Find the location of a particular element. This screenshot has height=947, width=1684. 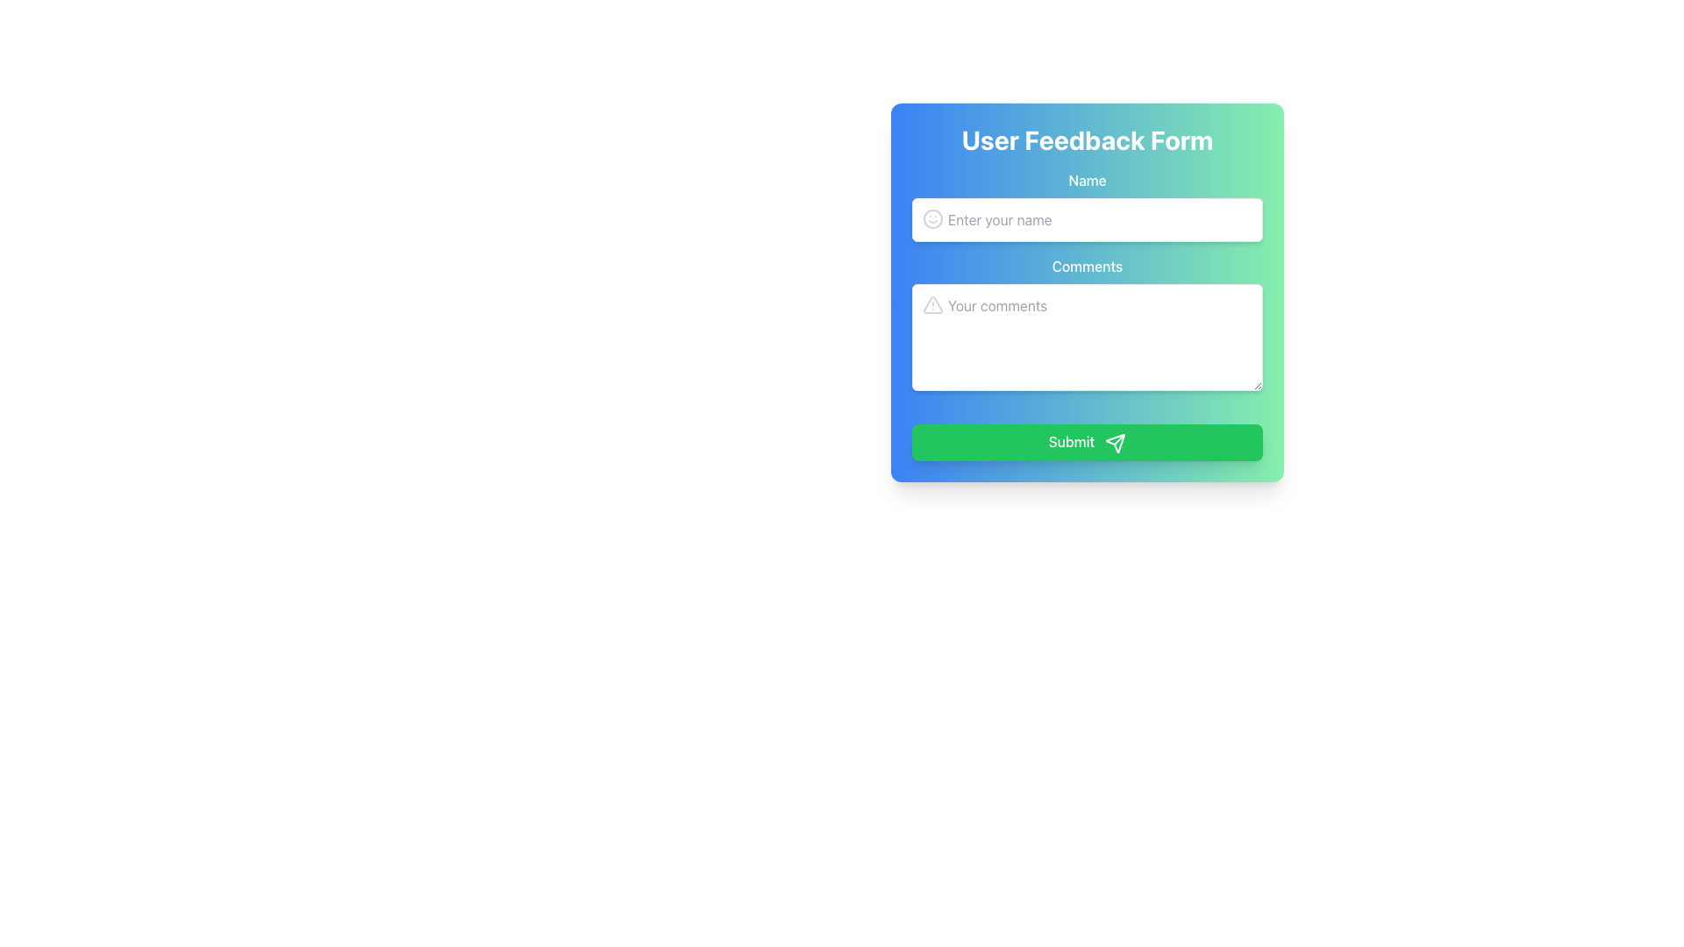

the alert icon located at the top-left of the 'Your comments' input field in the form is located at coordinates (932, 303).